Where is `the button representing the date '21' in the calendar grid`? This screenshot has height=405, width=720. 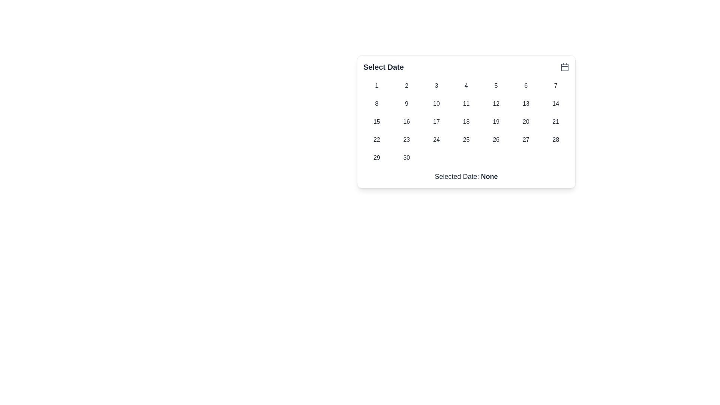 the button representing the date '21' in the calendar grid is located at coordinates (556, 121).